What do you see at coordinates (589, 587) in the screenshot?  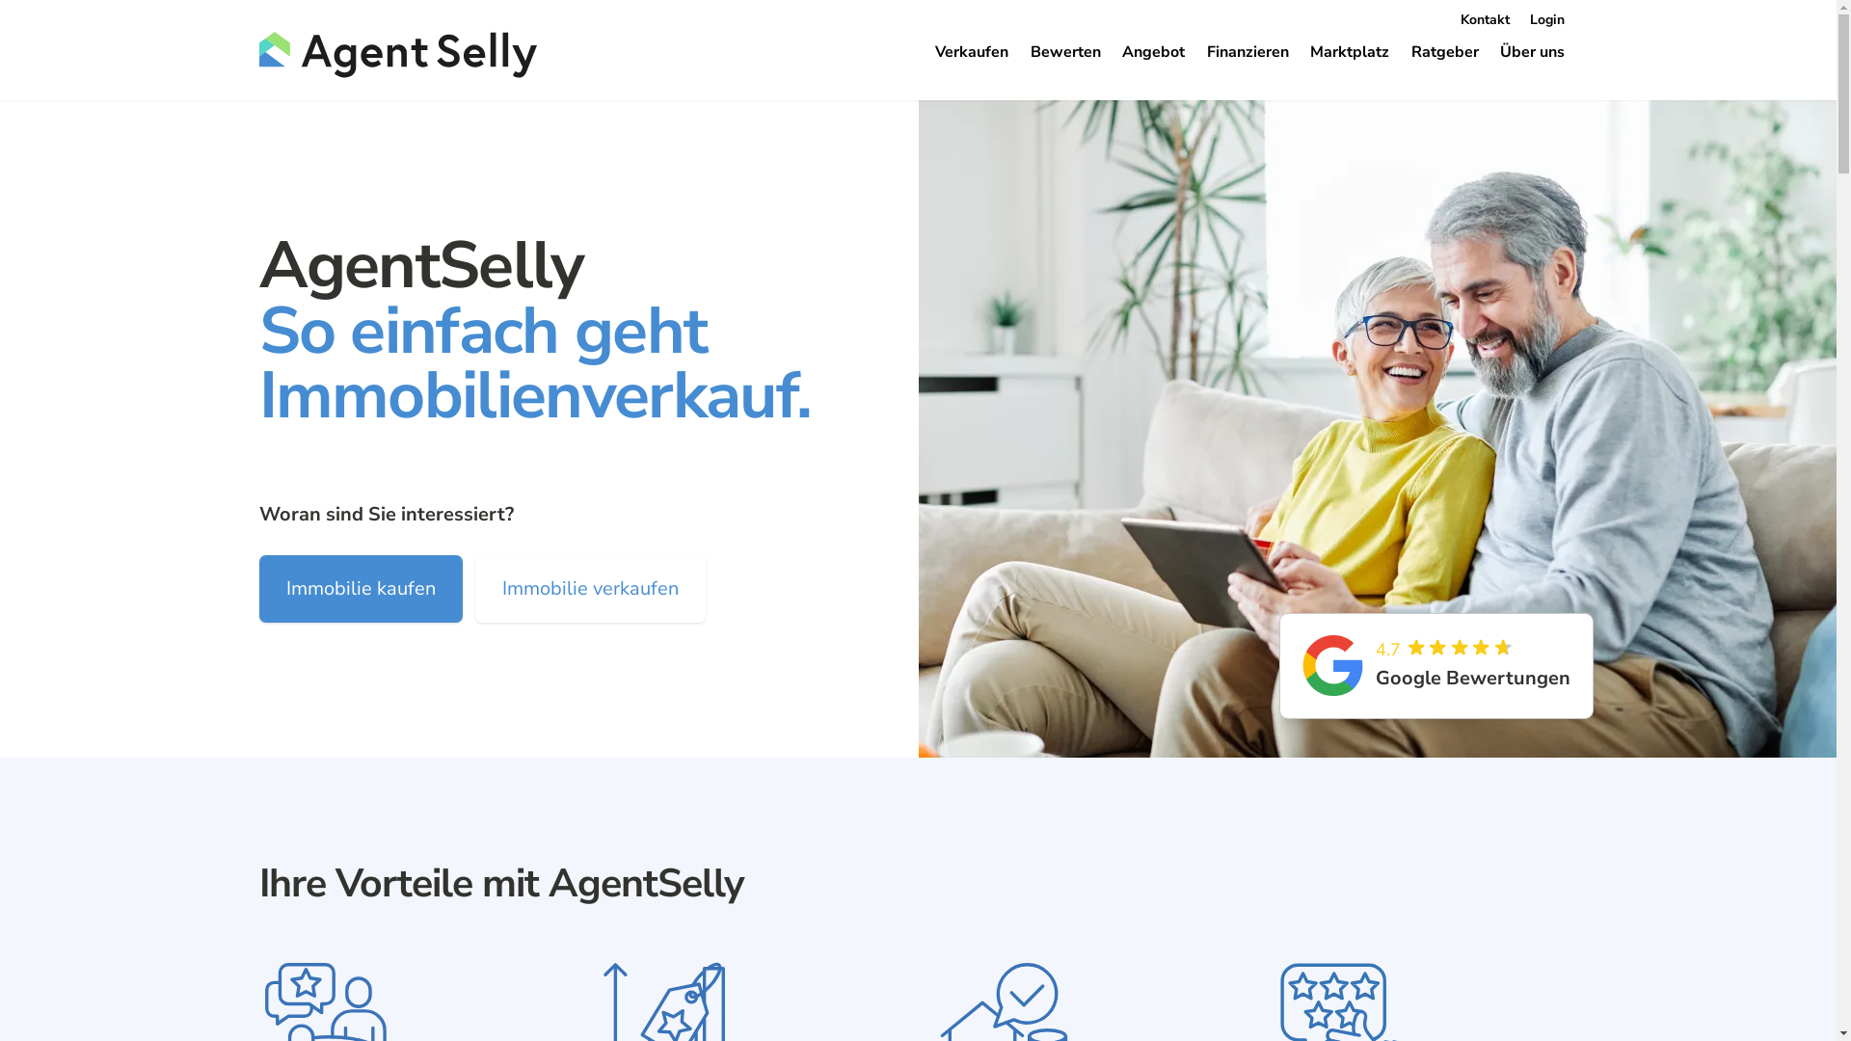 I see `'Immobilie verkaufen'` at bounding box center [589, 587].